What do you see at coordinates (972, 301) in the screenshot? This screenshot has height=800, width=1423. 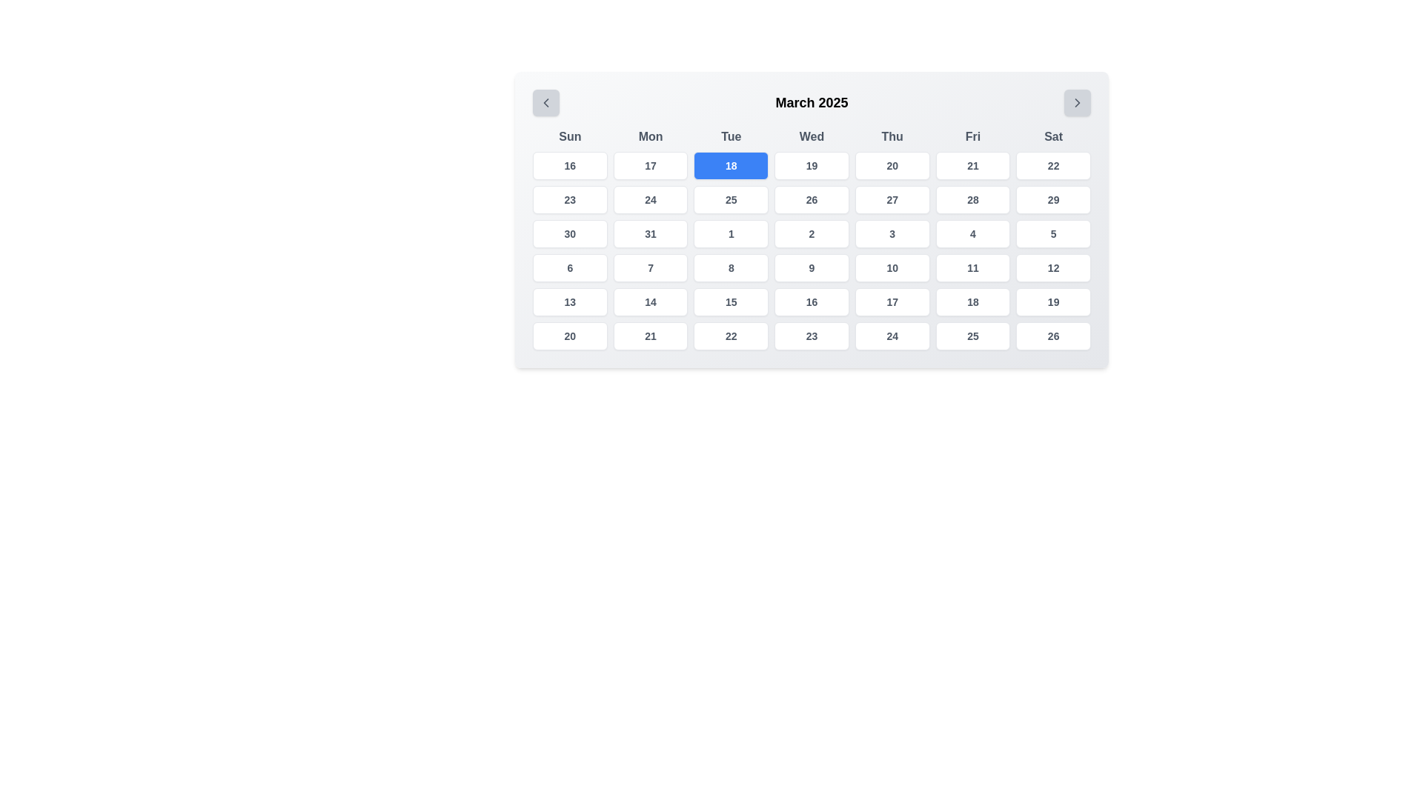 I see `the button displaying the number '18' in the calendar interface` at bounding box center [972, 301].